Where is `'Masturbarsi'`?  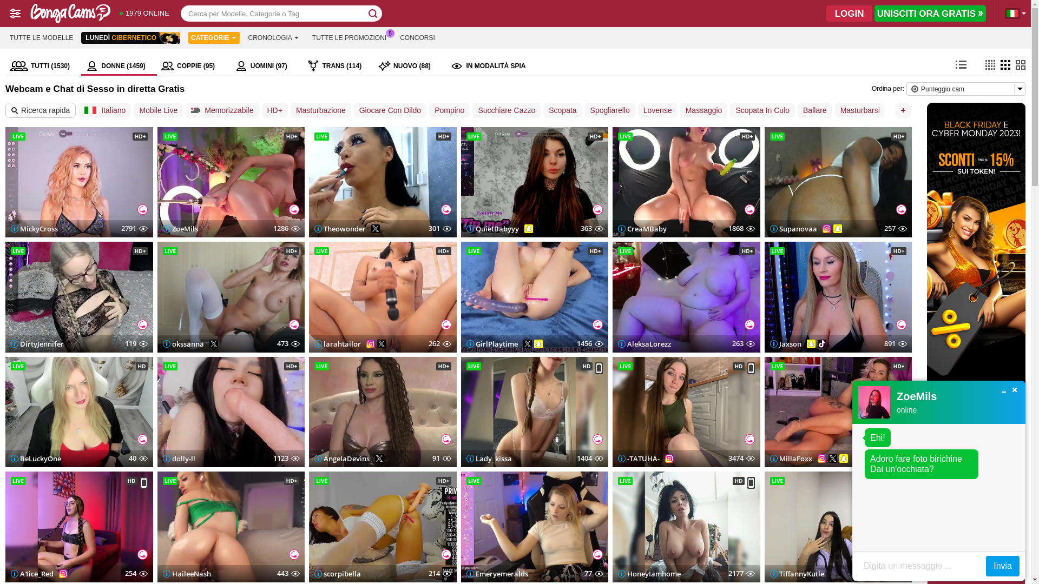 'Masturbarsi' is located at coordinates (859, 110).